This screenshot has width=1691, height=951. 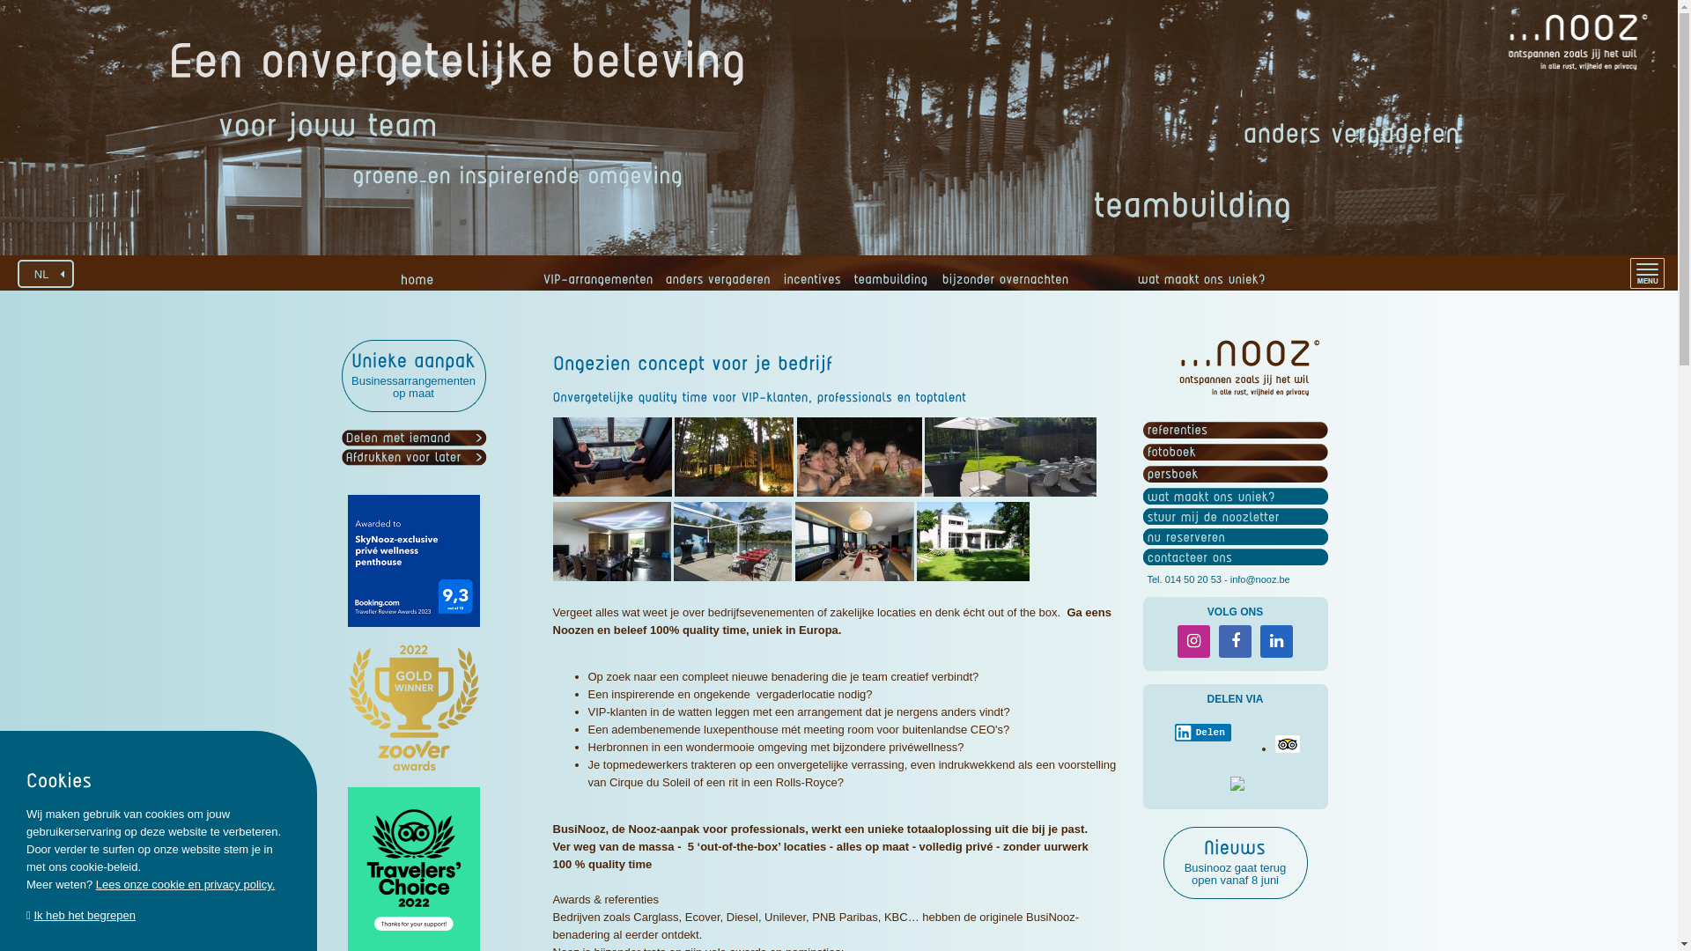 I want to click on 'info@nooz.be', so click(x=1259, y=579).